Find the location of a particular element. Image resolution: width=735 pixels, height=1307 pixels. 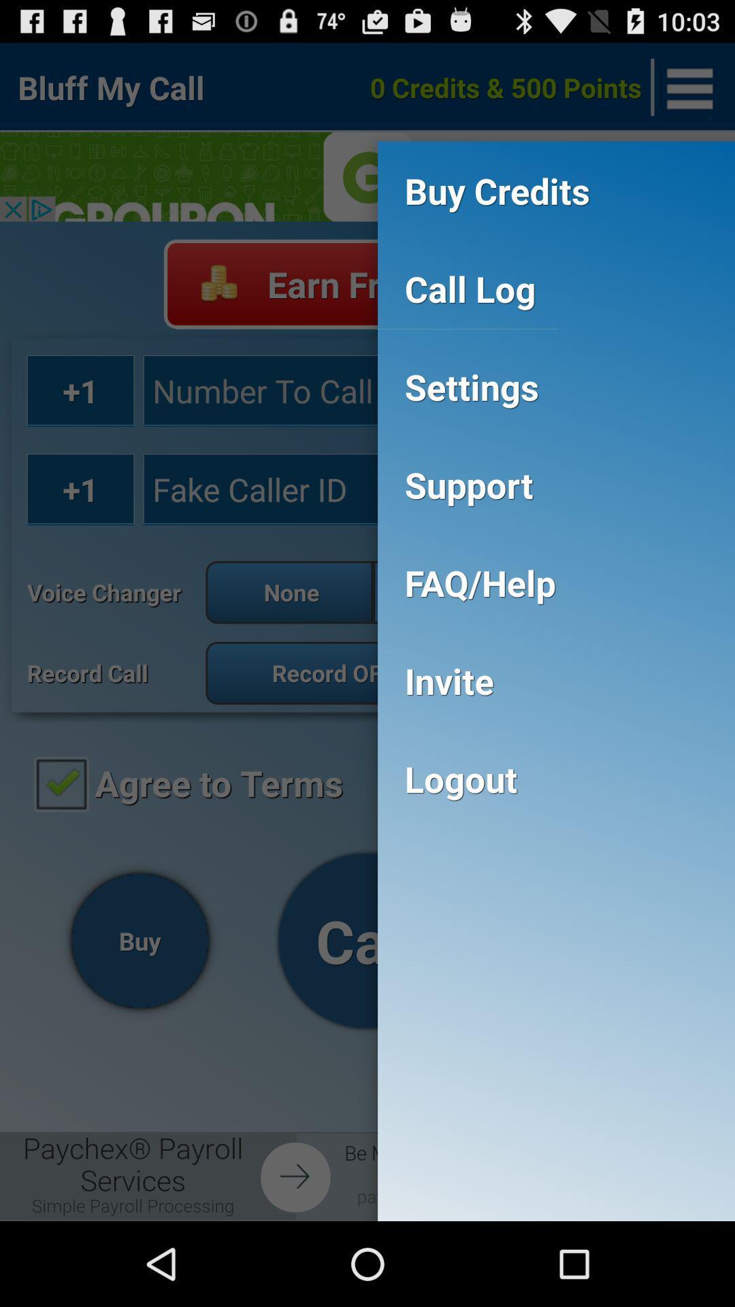

the menu icon is located at coordinates (690, 93).